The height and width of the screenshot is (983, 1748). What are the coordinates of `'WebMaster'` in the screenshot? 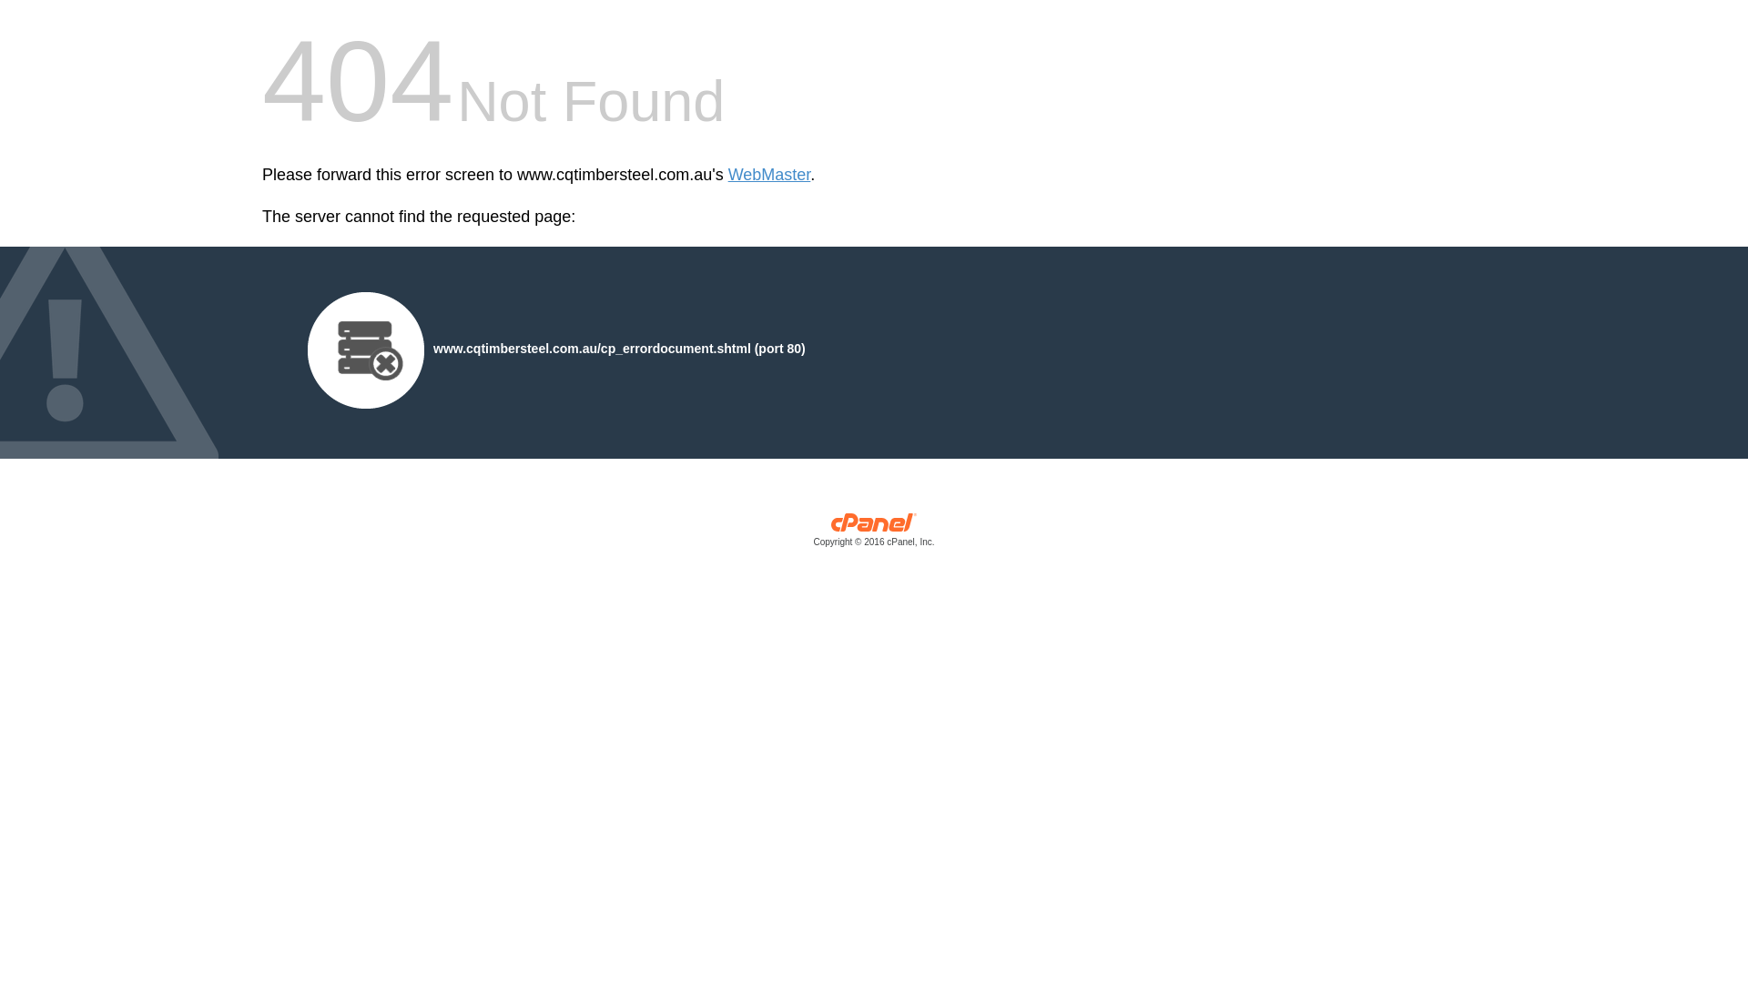 It's located at (769, 175).